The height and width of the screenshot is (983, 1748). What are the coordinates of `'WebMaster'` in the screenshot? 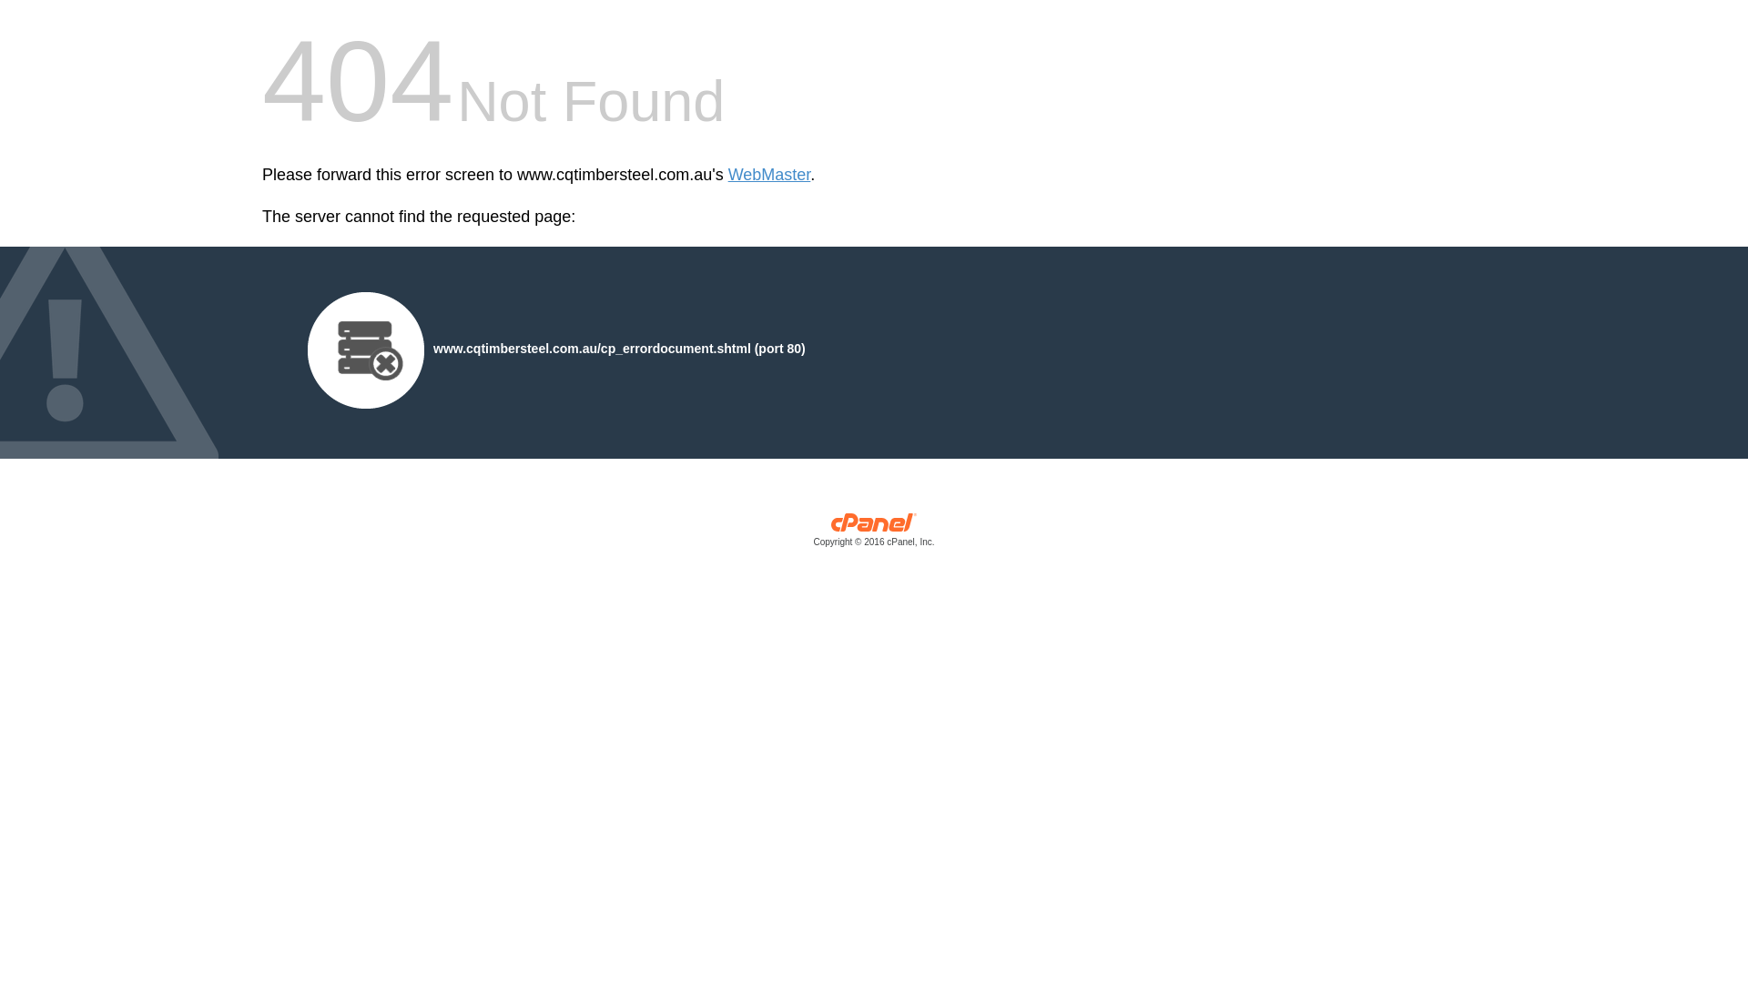 It's located at (769, 175).